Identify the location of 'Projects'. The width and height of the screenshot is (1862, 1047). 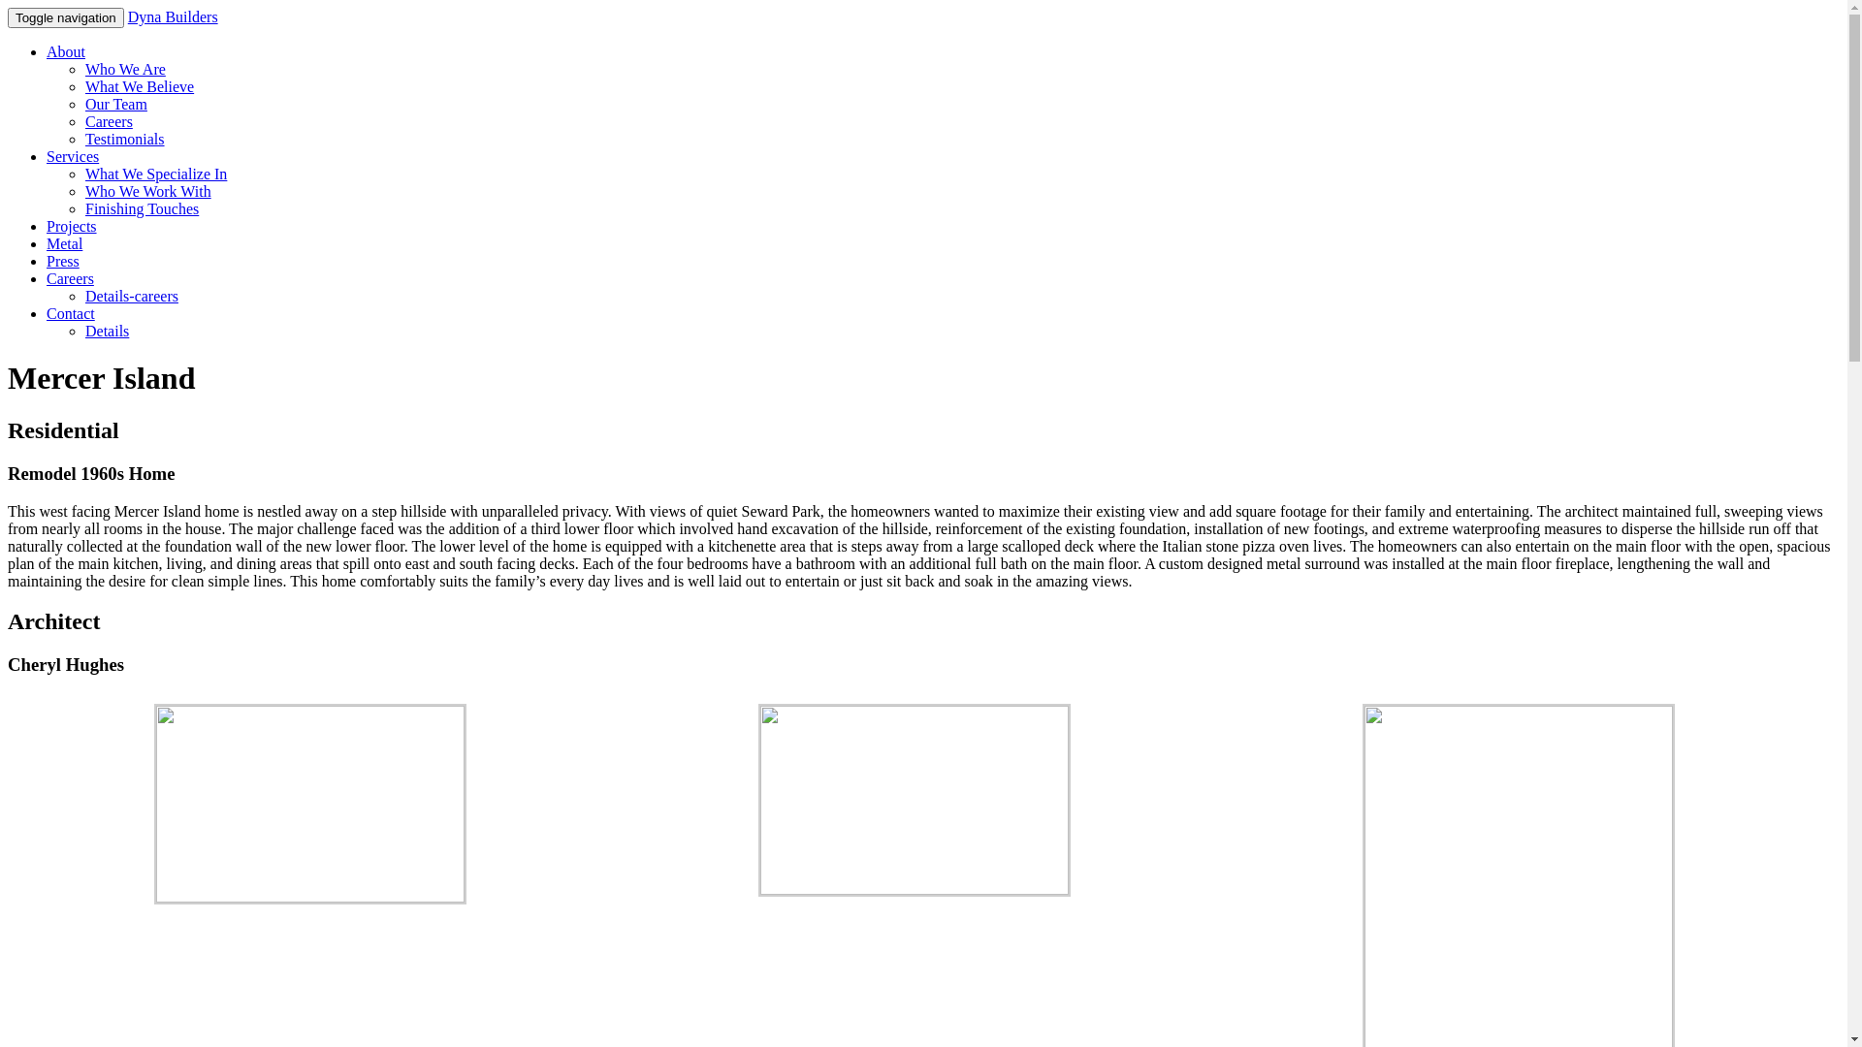
(71, 225).